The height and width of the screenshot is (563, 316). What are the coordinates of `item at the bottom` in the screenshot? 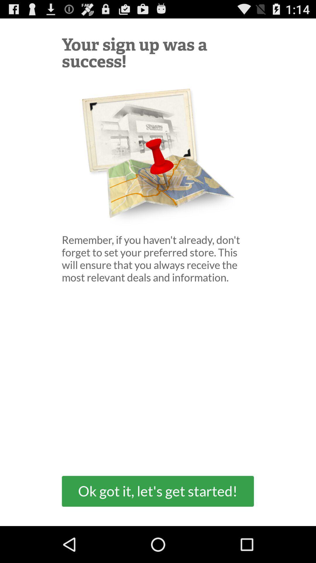 It's located at (157, 491).